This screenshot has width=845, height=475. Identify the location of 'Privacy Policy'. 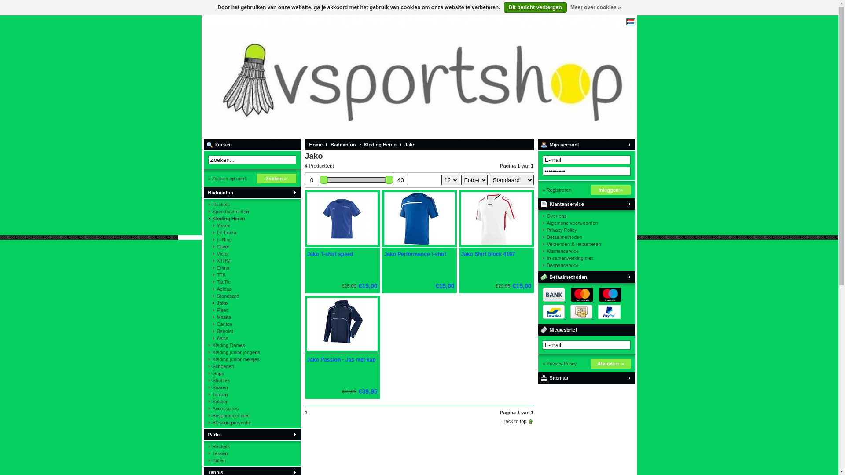
(586, 230).